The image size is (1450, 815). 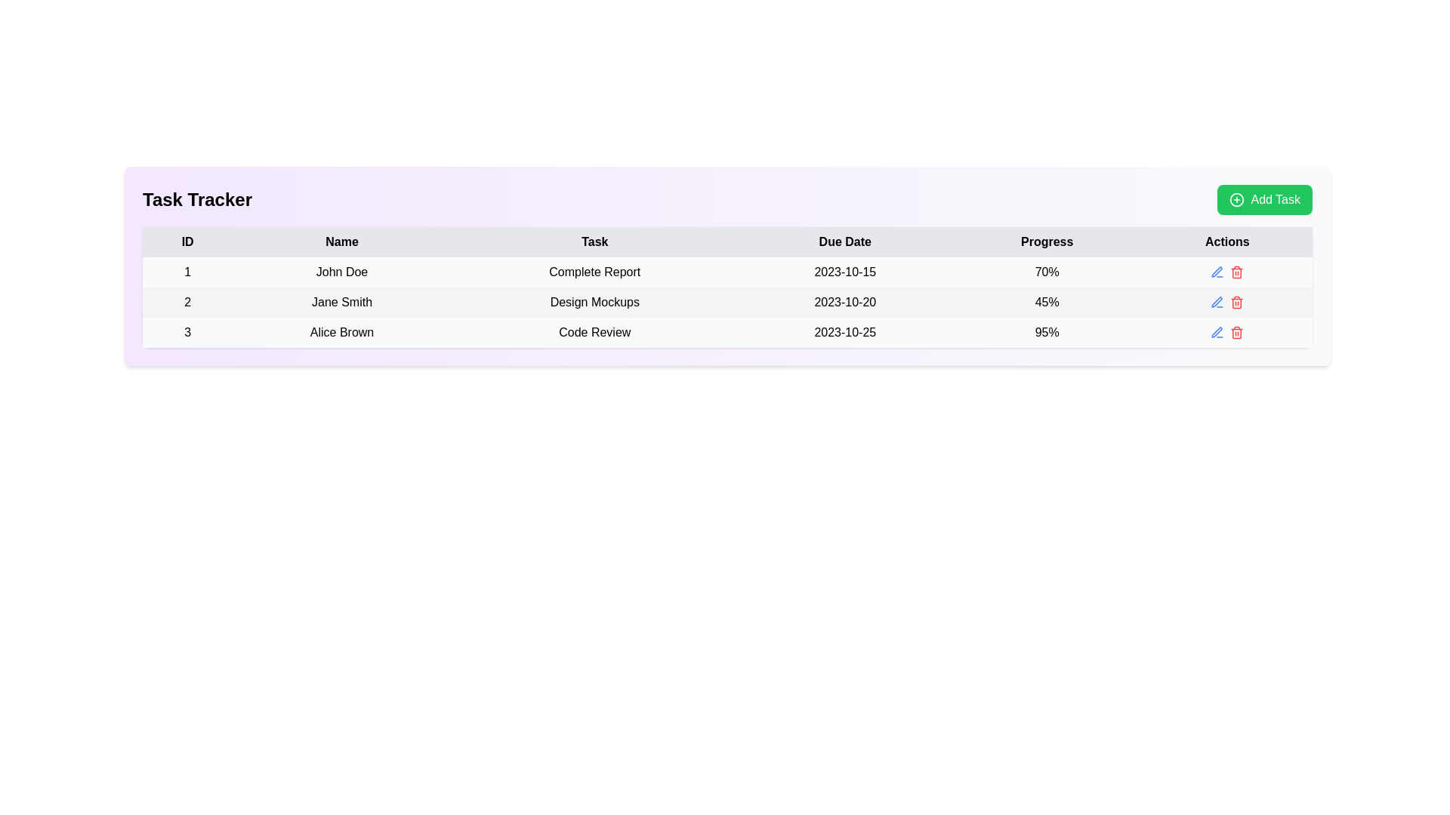 I want to click on the delete button located in the 'Actions' column of the third row in the task tracker interface to observe the hover effect, so click(x=1237, y=331).